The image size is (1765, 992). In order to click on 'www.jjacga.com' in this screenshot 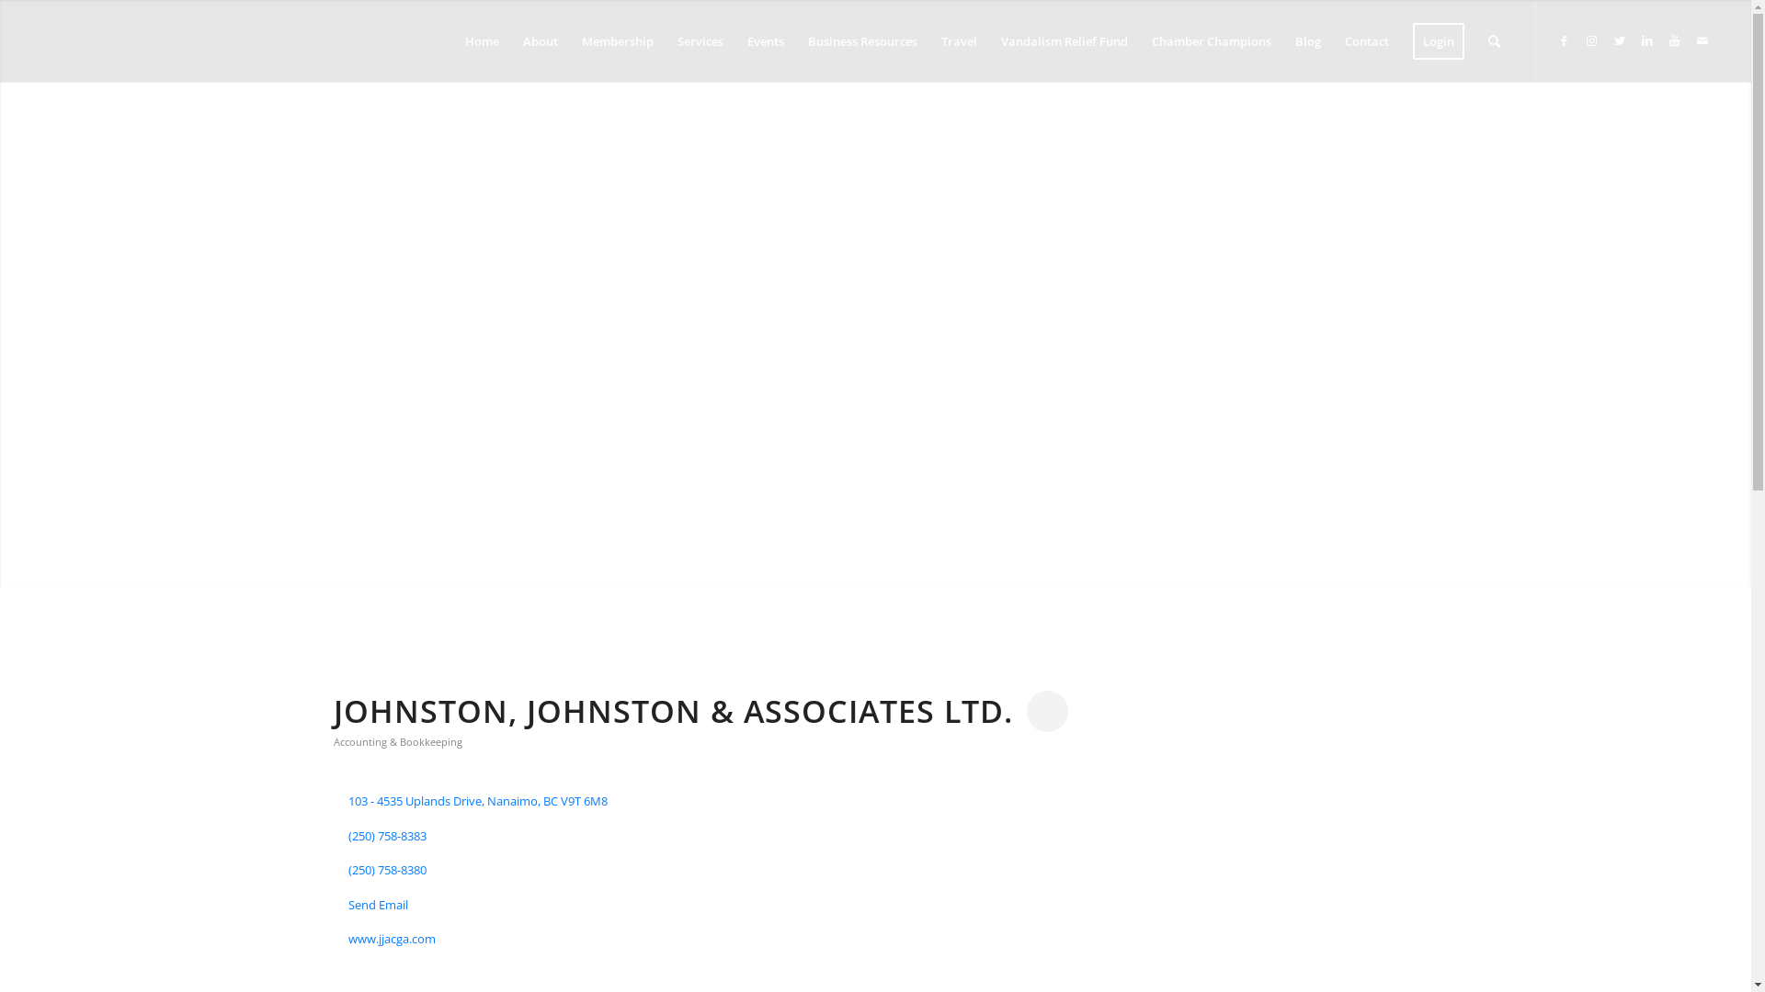, I will do `click(348, 939)`.